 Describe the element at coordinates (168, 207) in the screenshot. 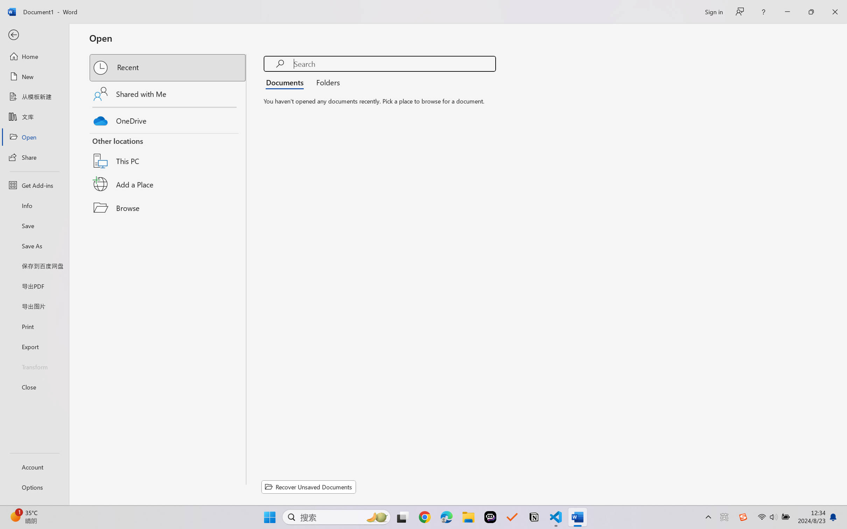

I see `'Browse'` at that location.